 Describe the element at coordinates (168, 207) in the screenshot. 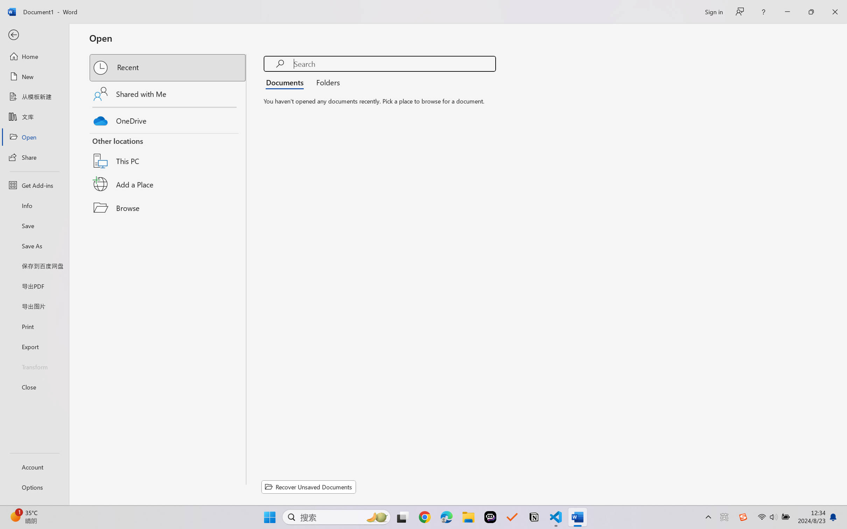

I see `'Browse'` at that location.